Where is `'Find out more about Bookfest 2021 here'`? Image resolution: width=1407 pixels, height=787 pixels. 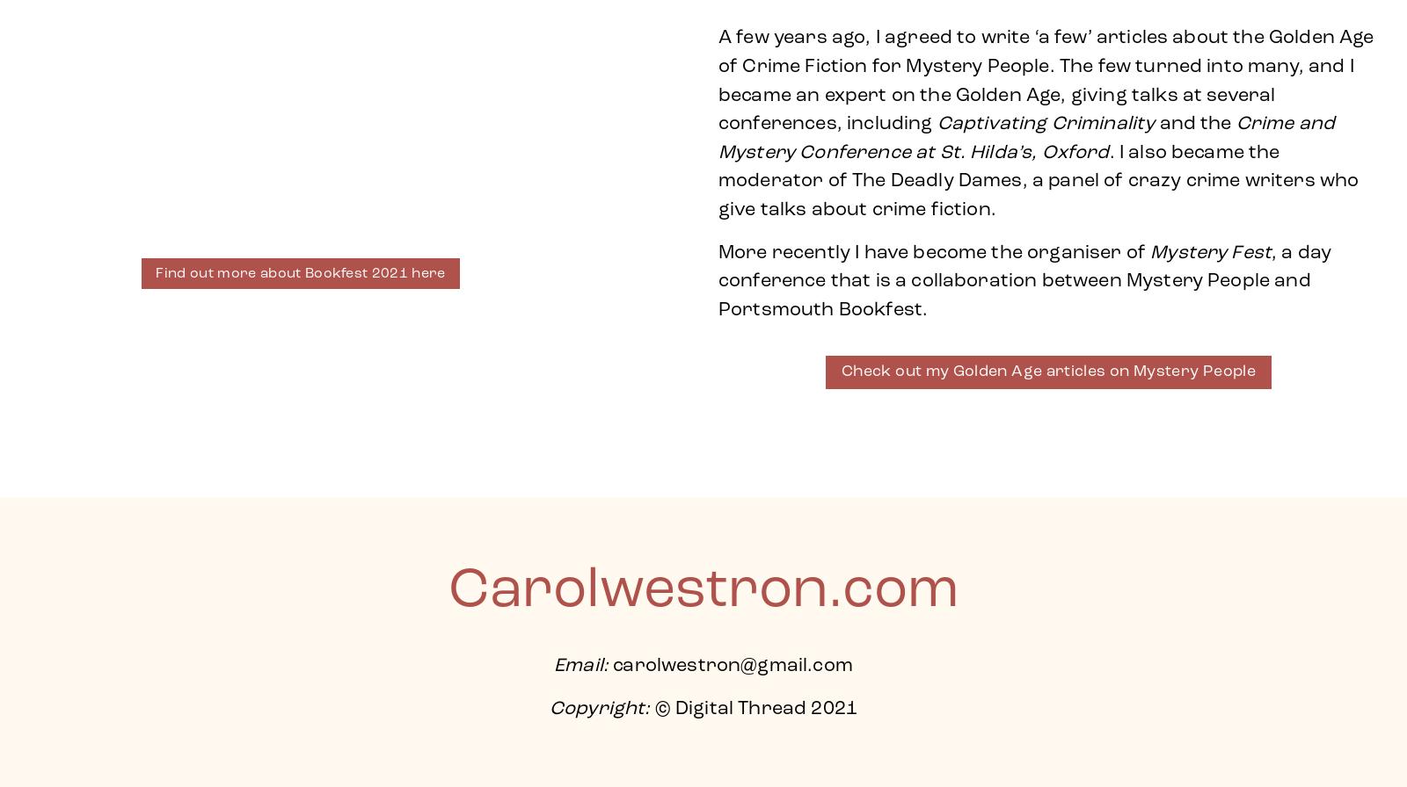 'Find out more about Bookfest 2021 here' is located at coordinates (300, 273).